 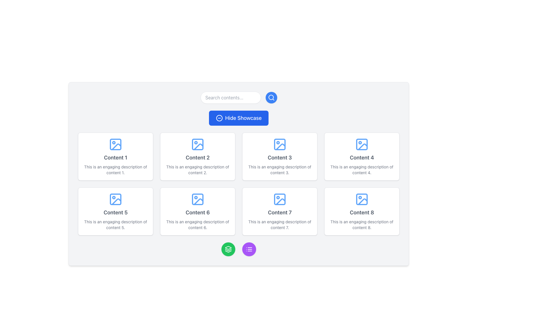 I want to click on the button located centrally below the search bar, so click(x=238, y=118).